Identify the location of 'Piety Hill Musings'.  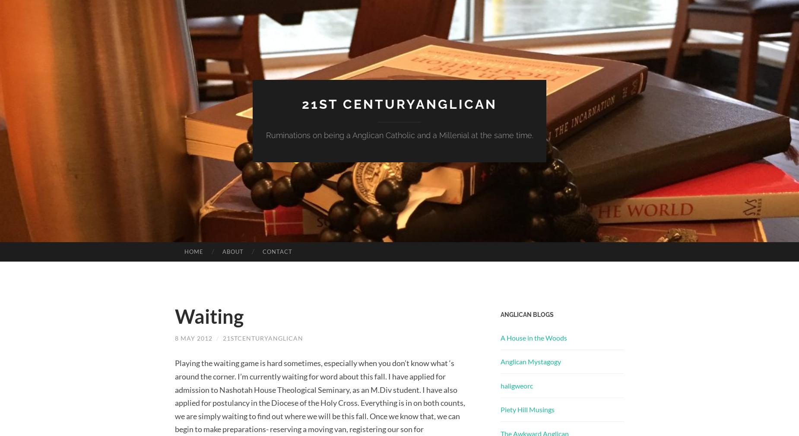
(527, 409).